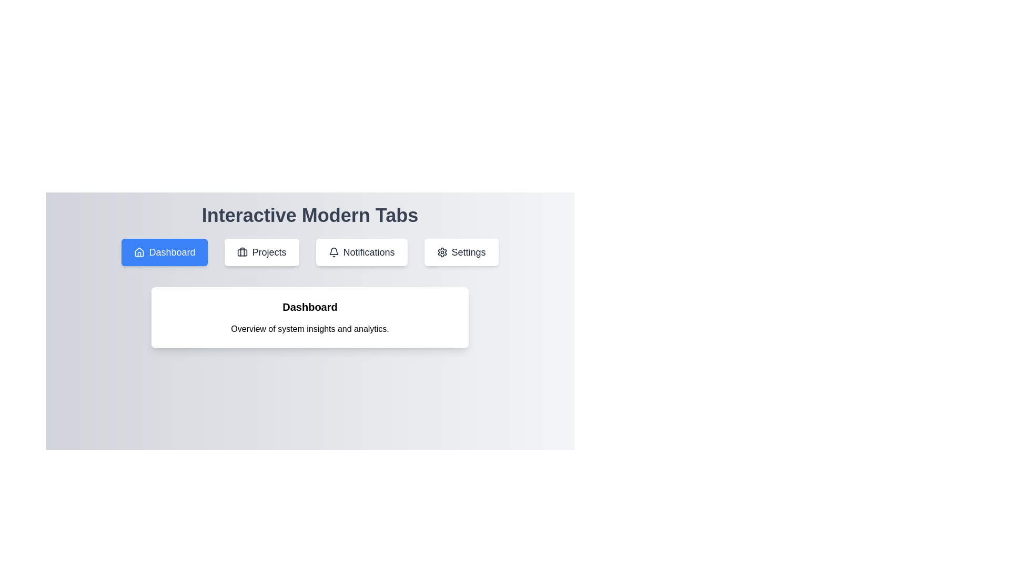 Image resolution: width=1010 pixels, height=568 pixels. I want to click on the navigation button located between the 'Dashboard' and 'Notifications' buttons, so click(262, 252).